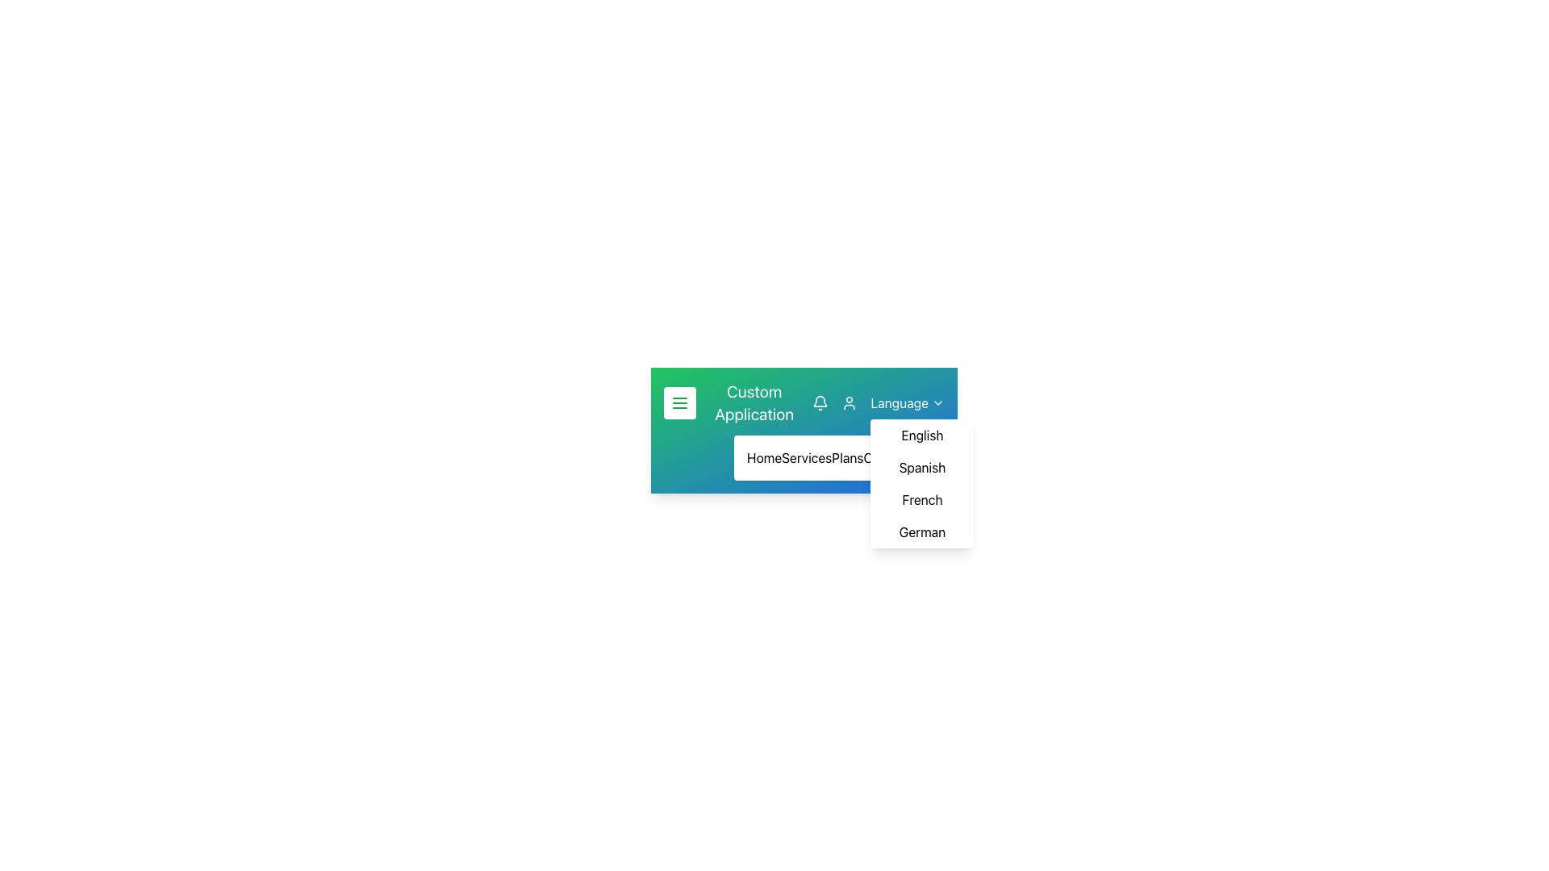 The image size is (1549, 871). What do you see at coordinates (804, 457) in the screenshot?
I see `the Text-based Navigation Bar located in a white rectangular background` at bounding box center [804, 457].